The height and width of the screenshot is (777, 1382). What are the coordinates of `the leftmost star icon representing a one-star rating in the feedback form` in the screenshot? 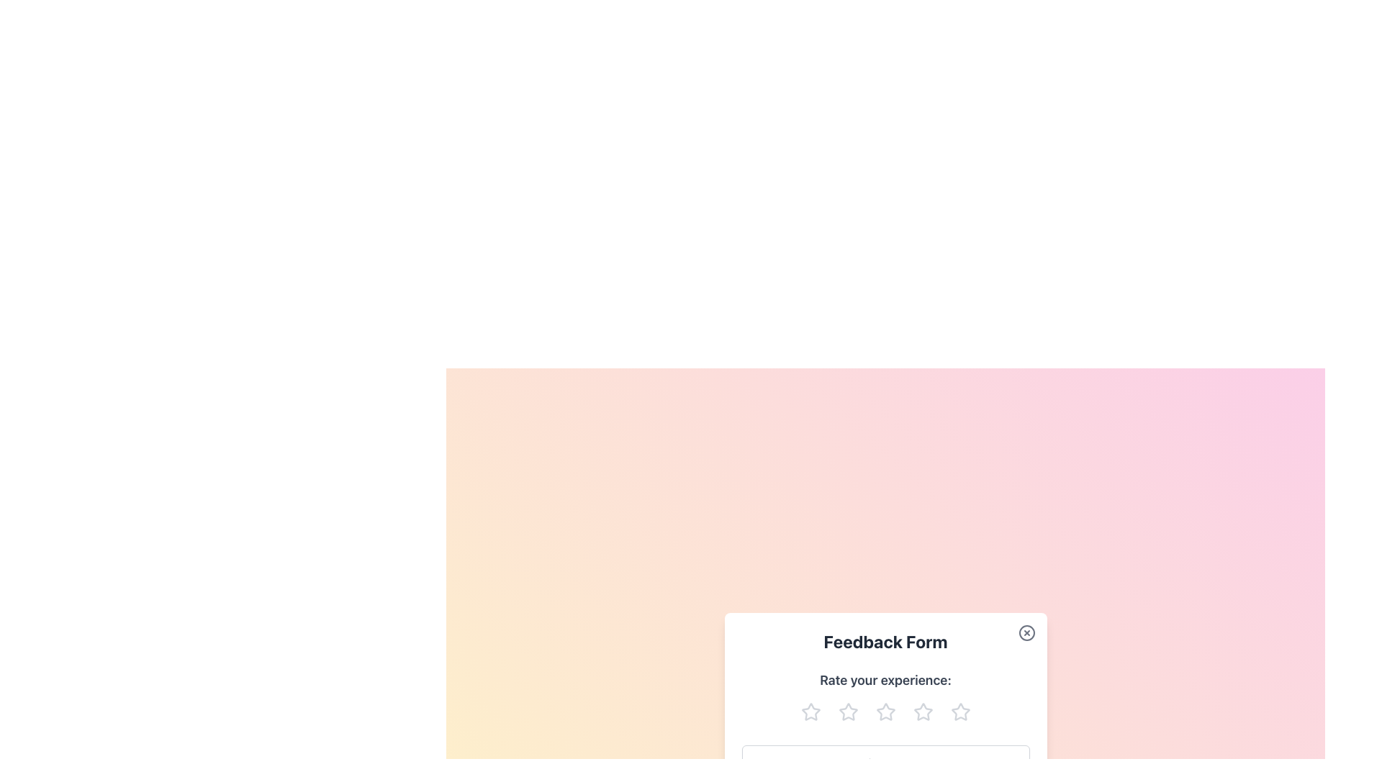 It's located at (810, 711).